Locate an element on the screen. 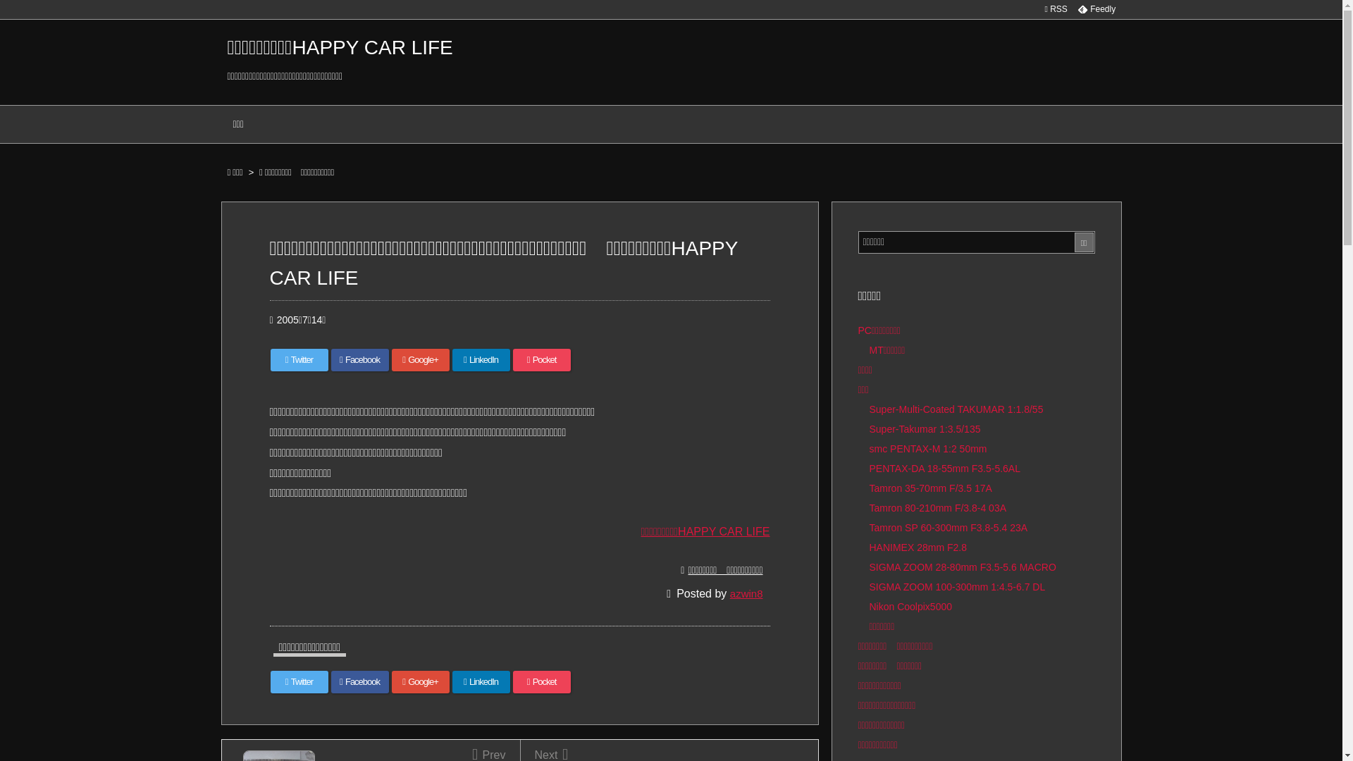 Image resolution: width=1353 pixels, height=761 pixels. 'SIGMA ZOOM 28-80mm F3.5-5.6 MACRO' is located at coordinates (962, 567).